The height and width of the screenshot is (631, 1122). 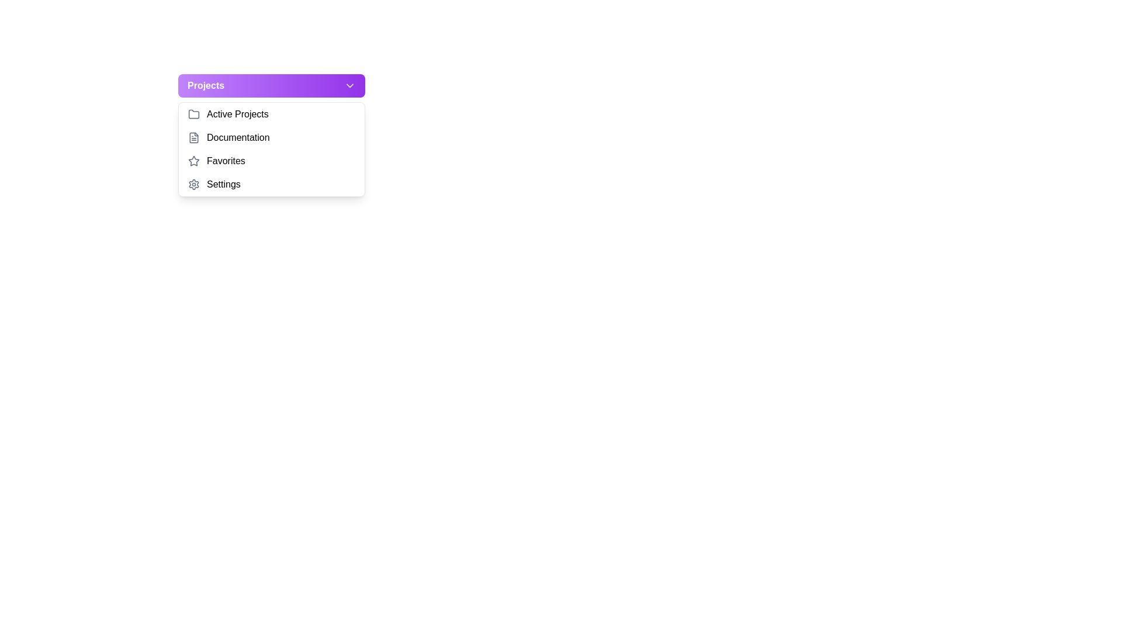 What do you see at coordinates (193, 115) in the screenshot?
I see `the folder icon representing 'Active Projects' in the dropdown menu titled 'Projects'` at bounding box center [193, 115].